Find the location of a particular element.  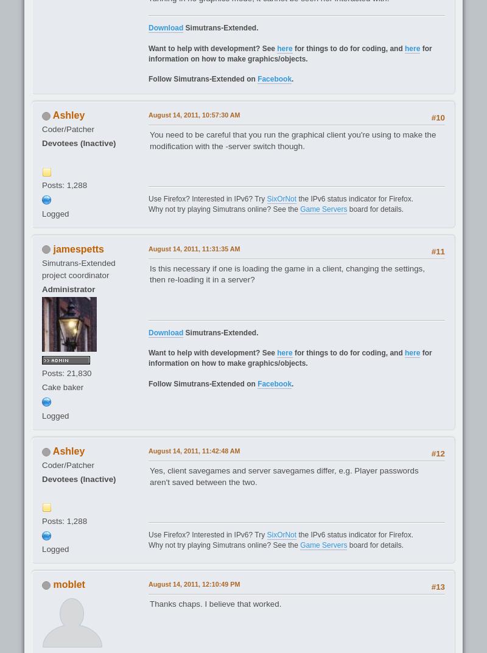

'jamespetts' is located at coordinates (52, 248).